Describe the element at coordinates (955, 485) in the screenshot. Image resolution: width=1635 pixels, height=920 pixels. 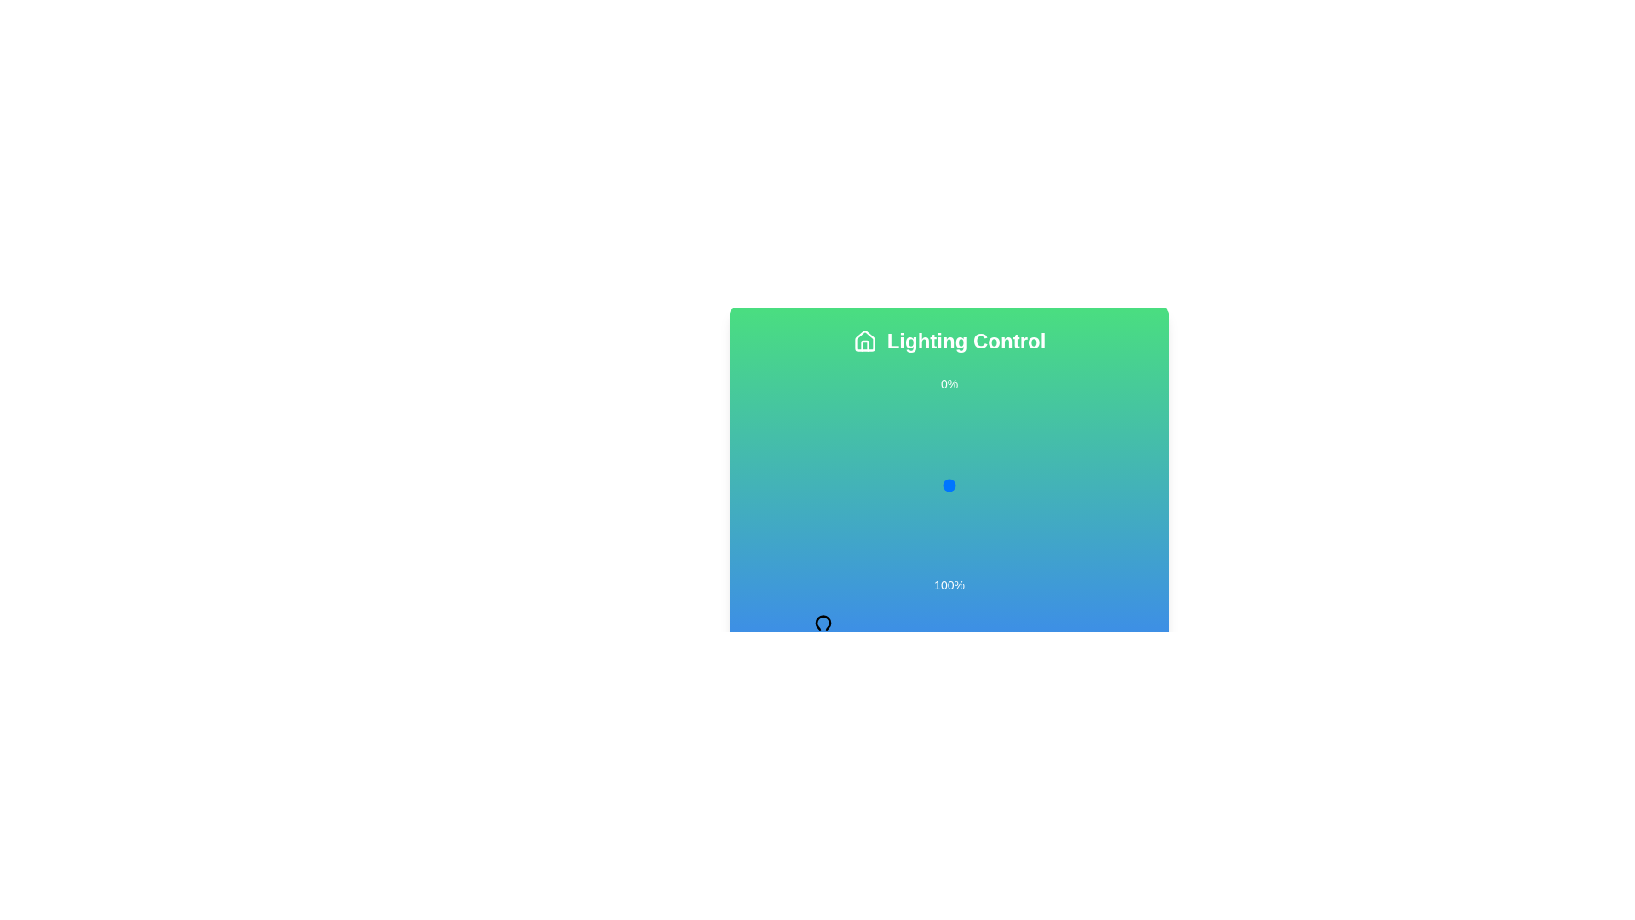
I see `the lighting level percentage` at that location.